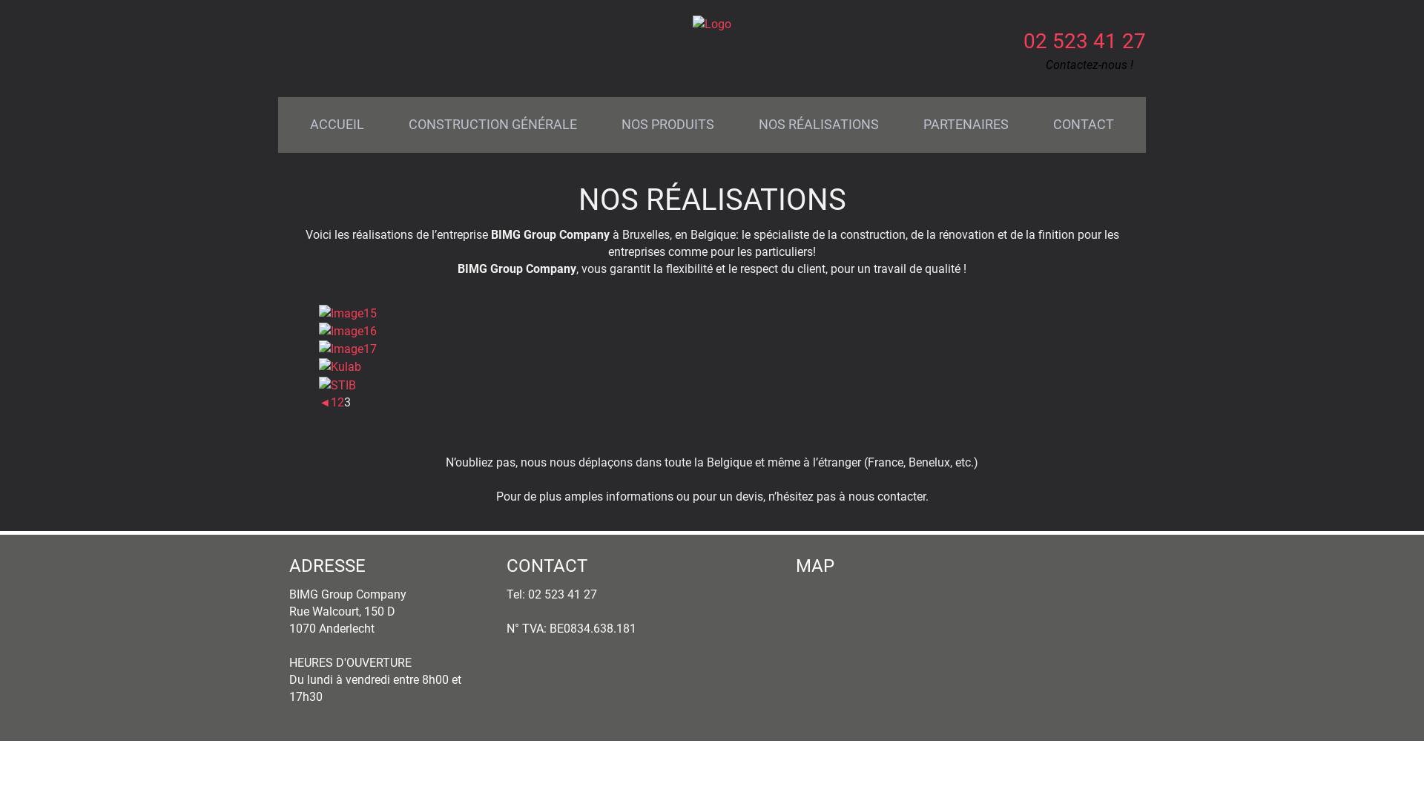 The image size is (1424, 801). I want to click on 'Image15', so click(347, 312).